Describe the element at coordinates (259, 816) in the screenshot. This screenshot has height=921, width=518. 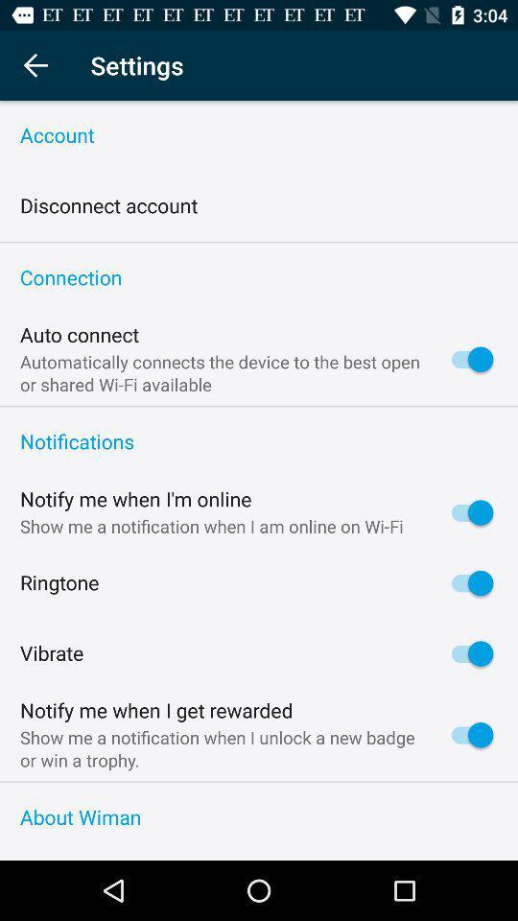
I see `about wiman item` at that location.